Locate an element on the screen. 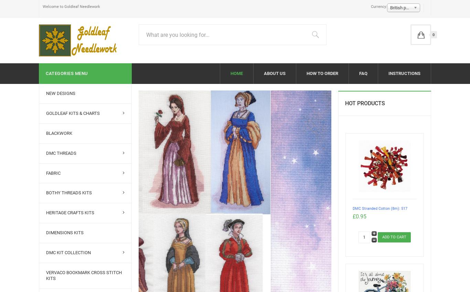  'Currency:' is located at coordinates (370, 6).